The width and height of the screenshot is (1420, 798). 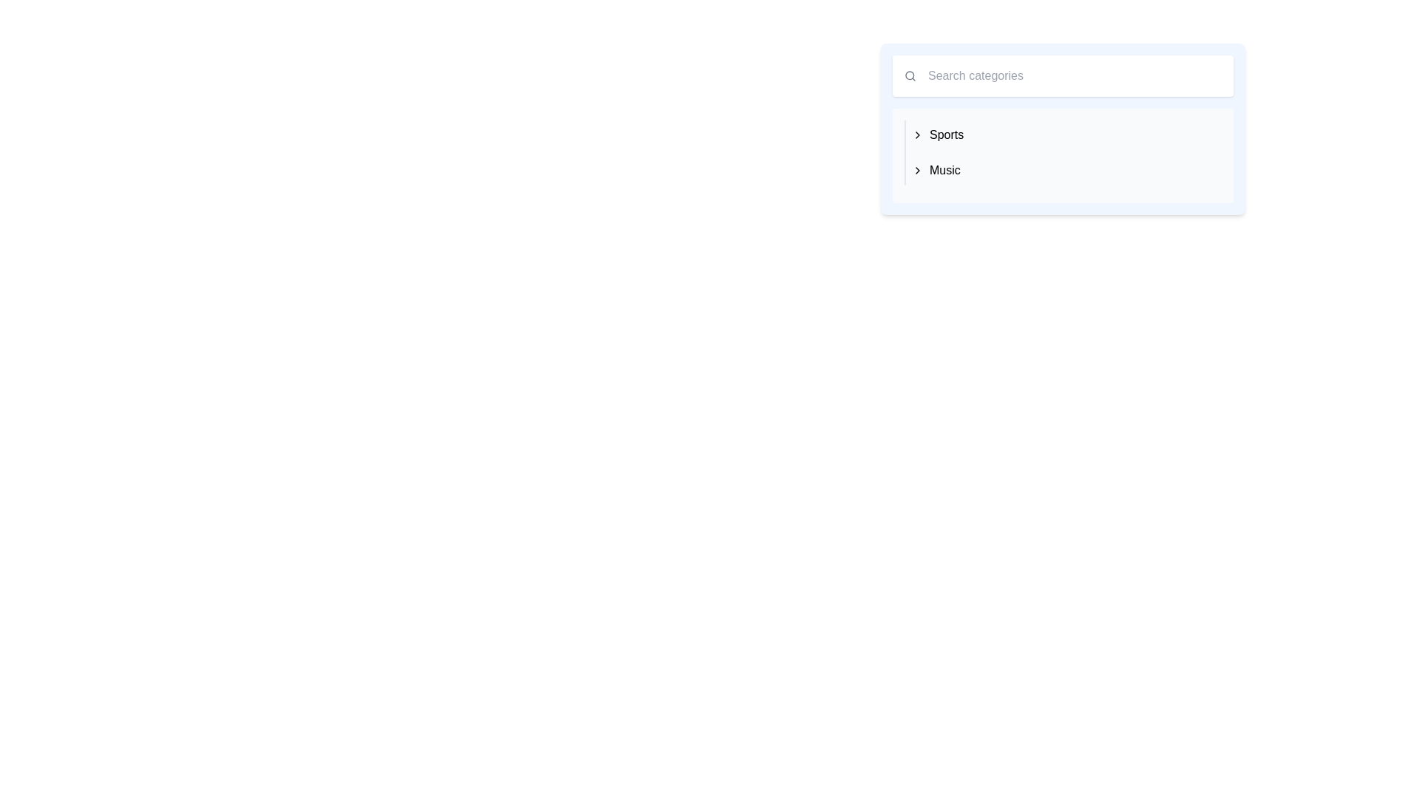 I want to click on the 'Sports' clickable menu item located in the left part of the vertical list menu, positioned above the 'Music' item, for keyboard accessibility, so click(x=937, y=134).